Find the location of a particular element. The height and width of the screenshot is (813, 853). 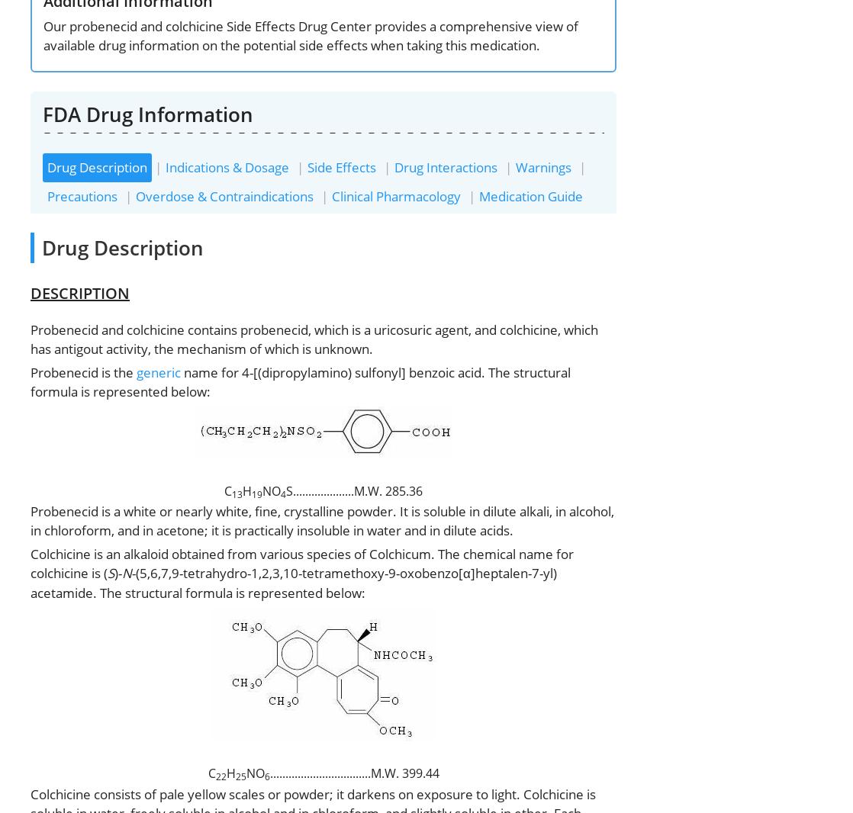

'Our probenecid and colchicine Side Effects Drug Center provides a comprehensive view of available drug information on the potential side effects when taking this medication.' is located at coordinates (310, 34).